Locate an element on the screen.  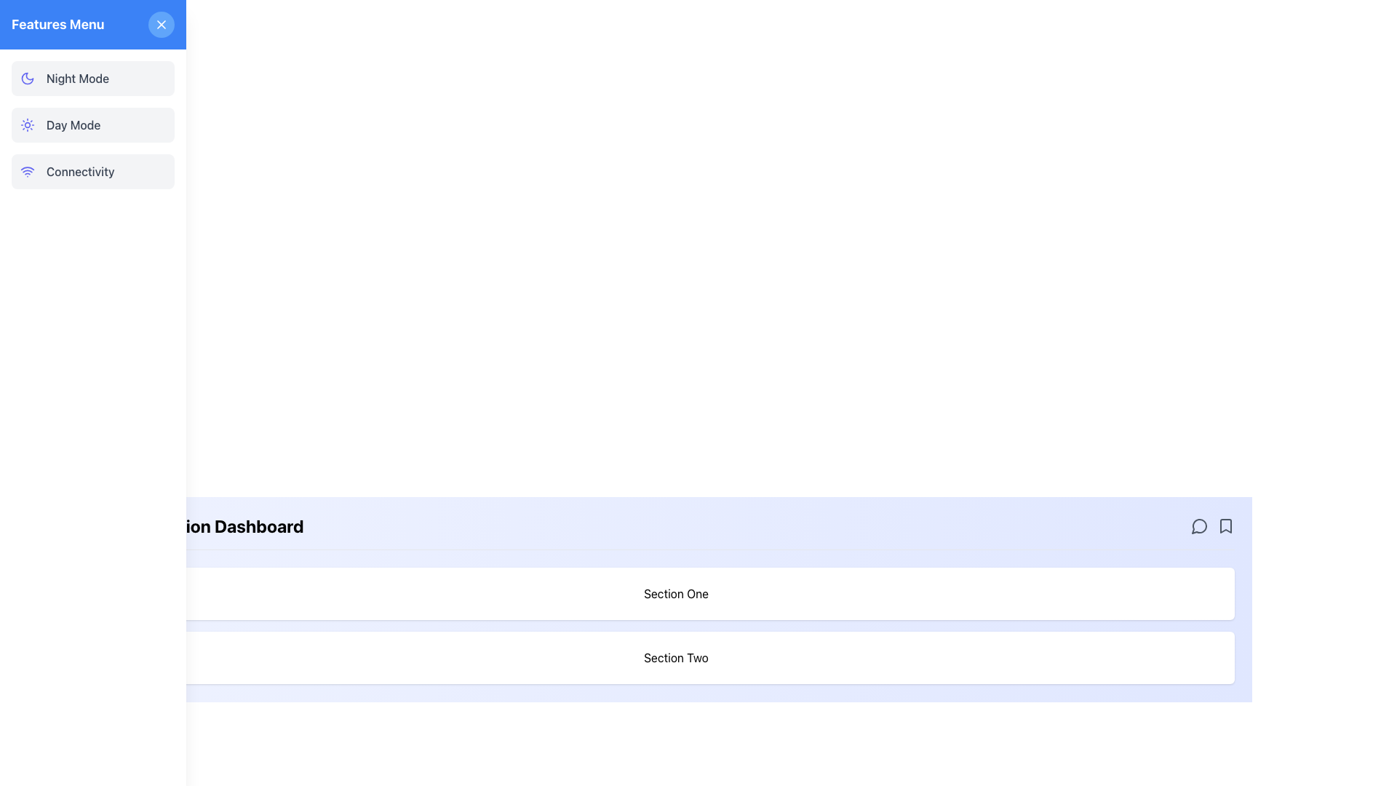
the 'Night Mode' button, which is a rectangular button with a light gray background and a moon icon is located at coordinates (92, 79).